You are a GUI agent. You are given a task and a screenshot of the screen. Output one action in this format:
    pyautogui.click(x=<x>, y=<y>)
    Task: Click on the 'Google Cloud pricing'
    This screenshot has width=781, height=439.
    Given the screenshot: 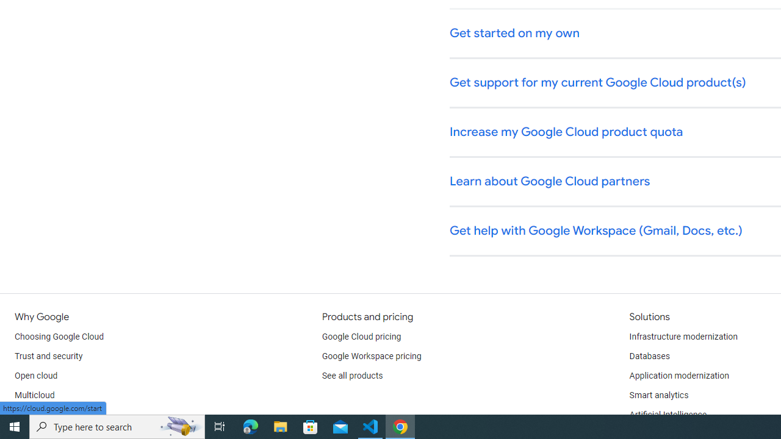 What is the action you would take?
    pyautogui.click(x=361, y=337)
    